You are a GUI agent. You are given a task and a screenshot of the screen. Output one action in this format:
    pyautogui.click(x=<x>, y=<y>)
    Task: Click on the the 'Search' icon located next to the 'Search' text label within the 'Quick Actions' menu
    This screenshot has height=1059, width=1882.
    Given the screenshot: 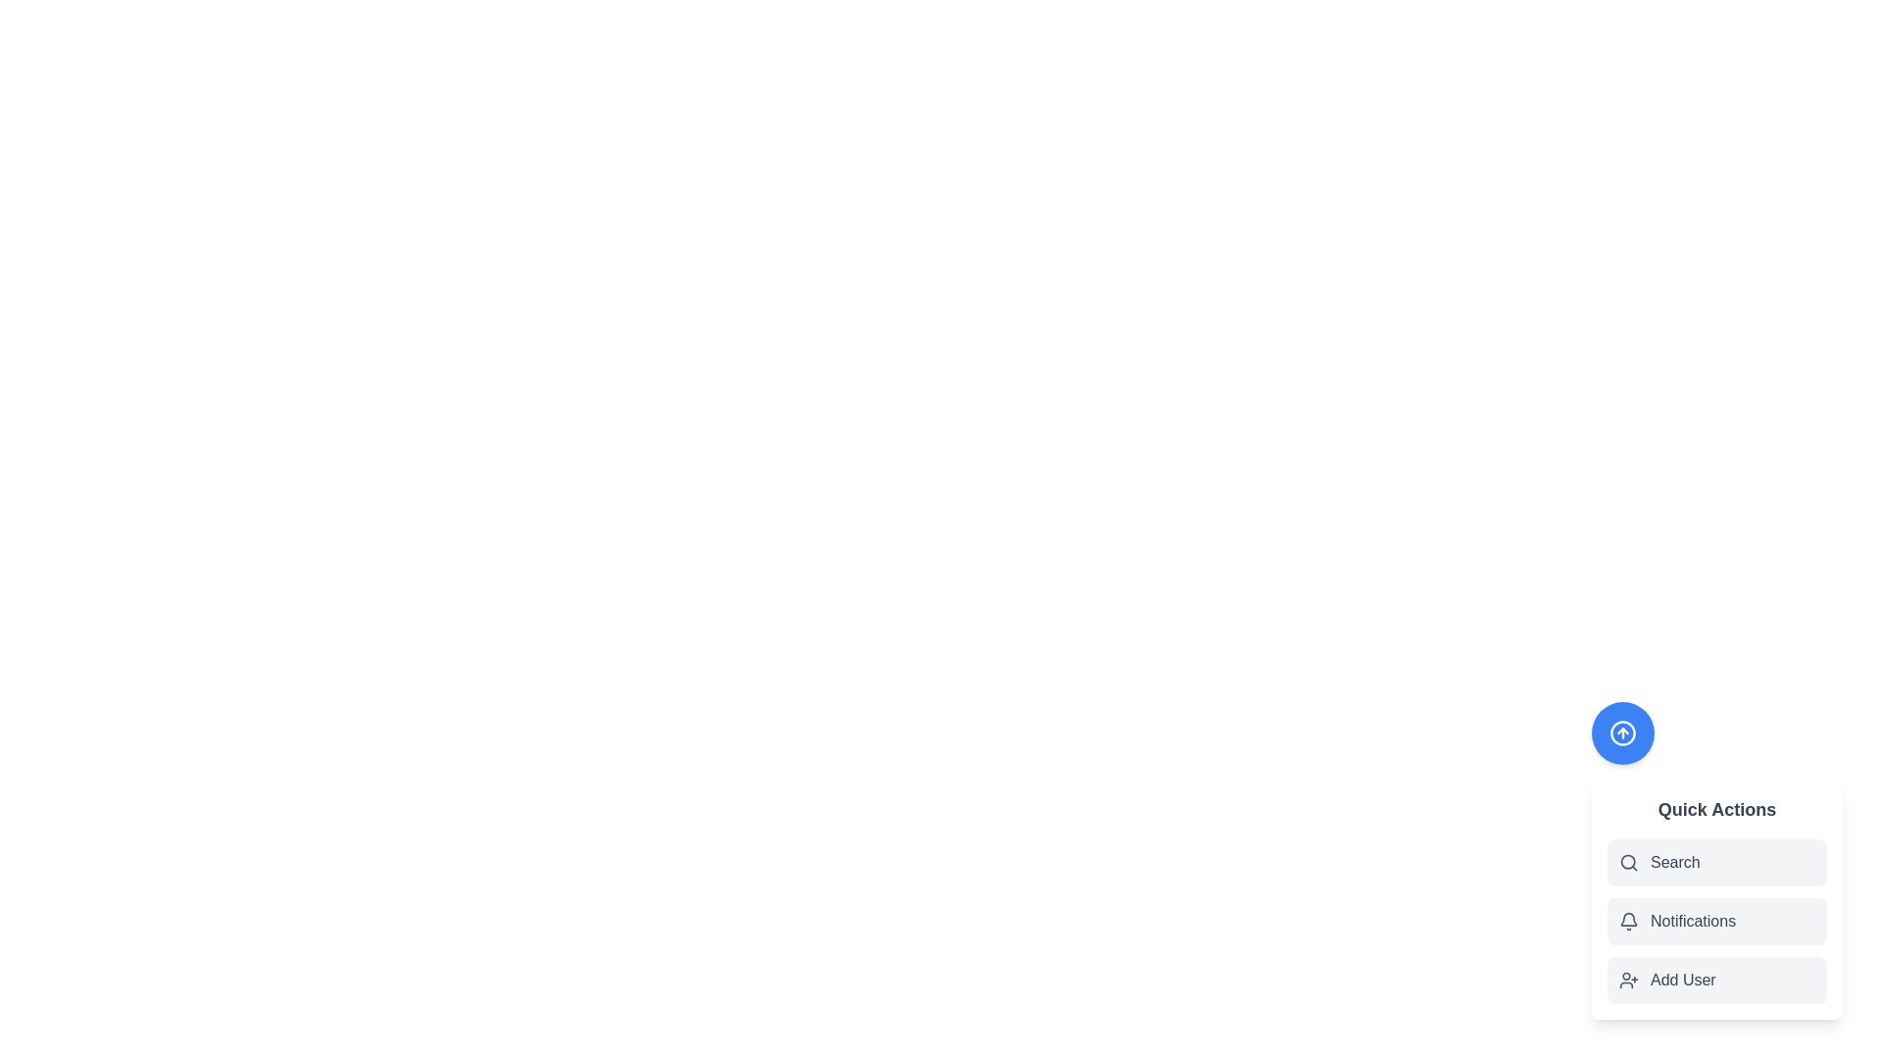 What is the action you would take?
    pyautogui.click(x=1628, y=861)
    